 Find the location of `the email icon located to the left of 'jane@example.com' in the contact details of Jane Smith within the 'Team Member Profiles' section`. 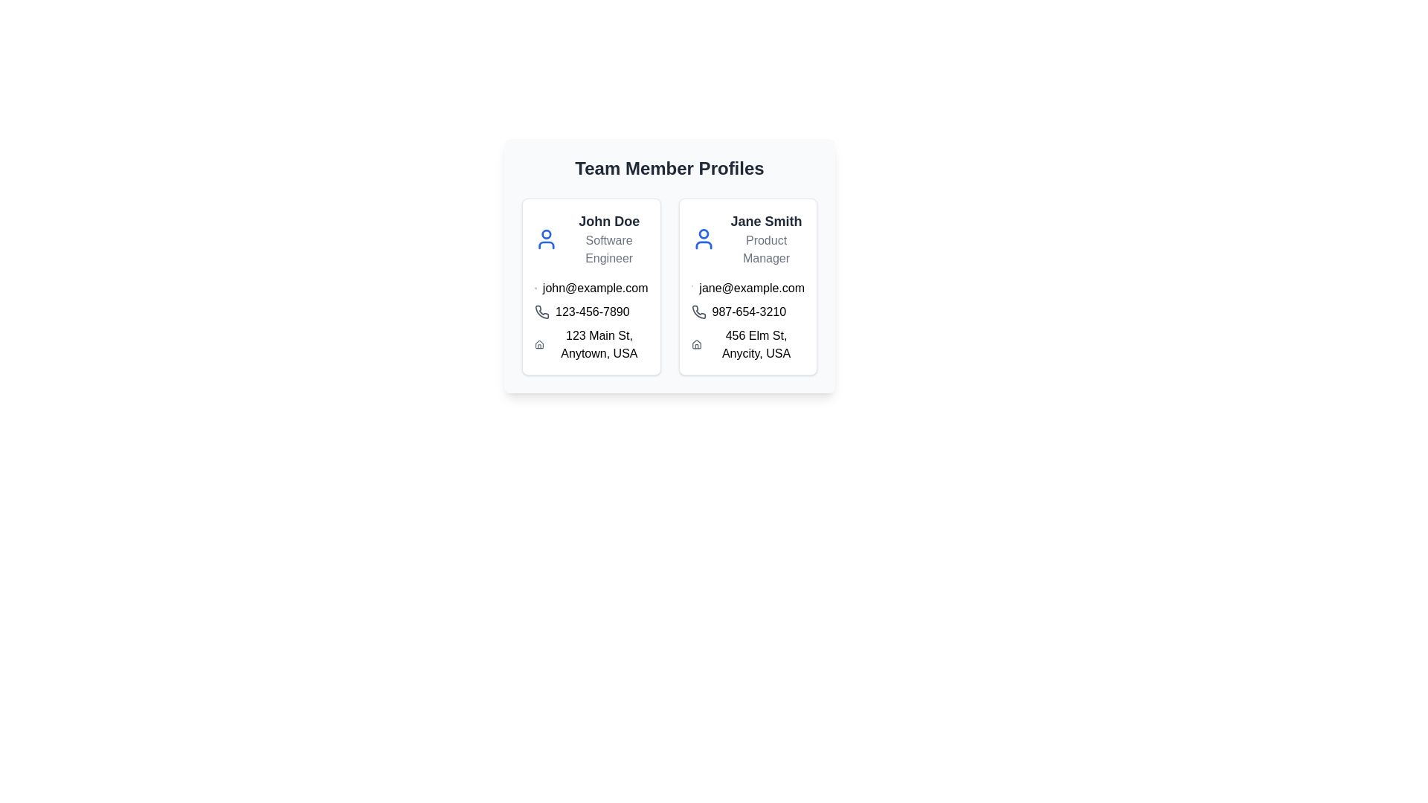

the email icon located to the left of 'jane@example.com' in the contact details of Jane Smith within the 'Team Member Profiles' section is located at coordinates (692, 288).